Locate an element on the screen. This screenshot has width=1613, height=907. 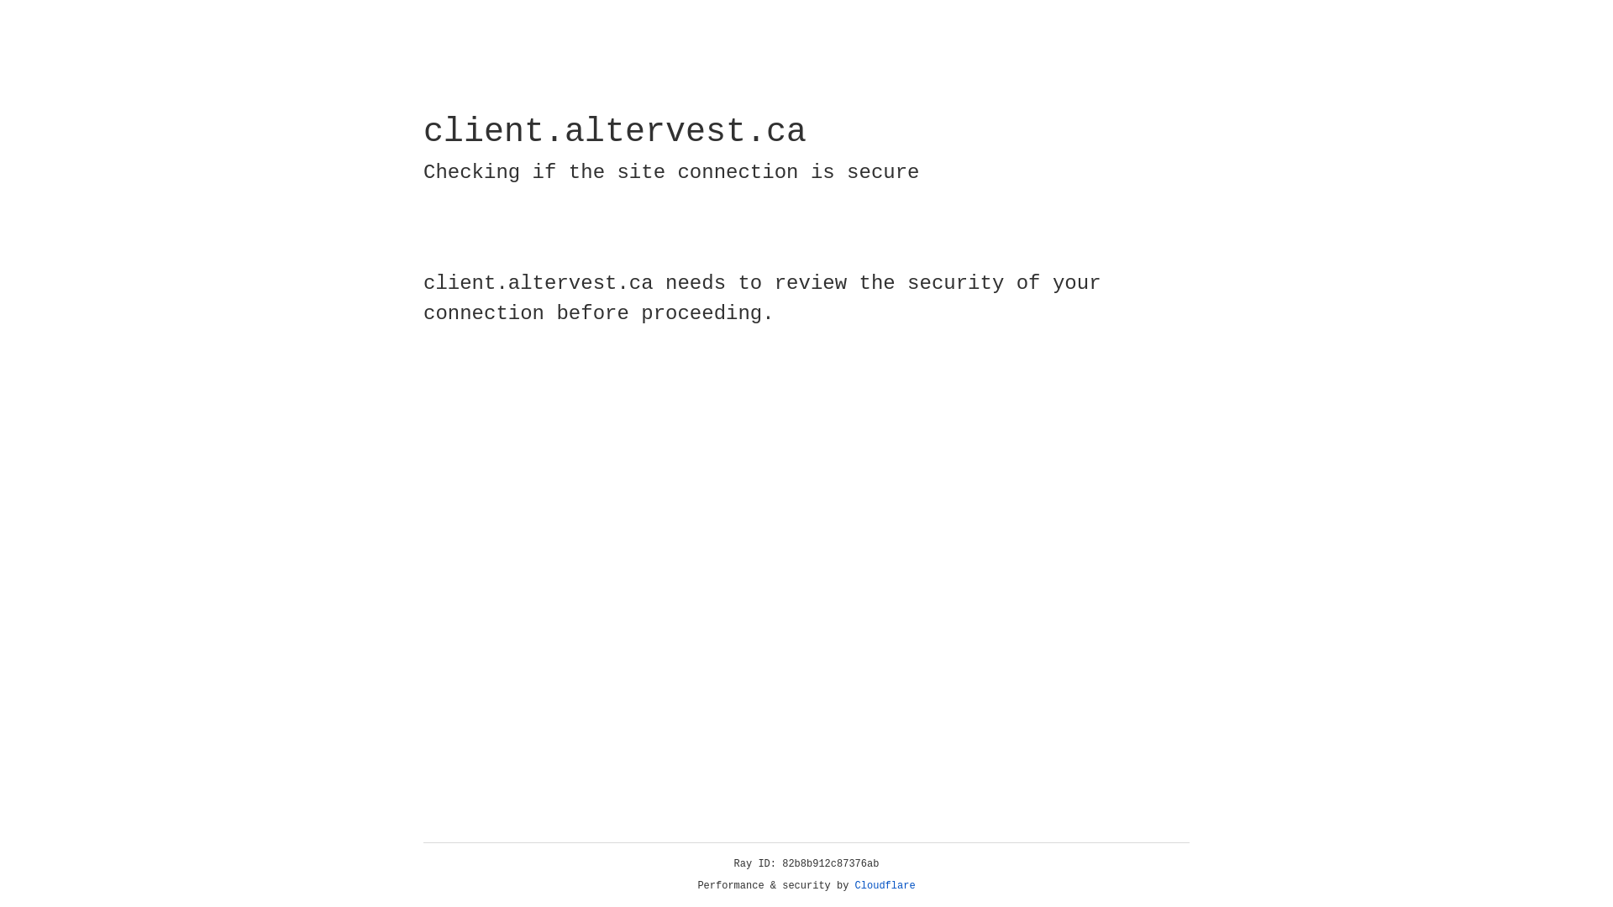
'Cloudflare' is located at coordinates (885, 885).